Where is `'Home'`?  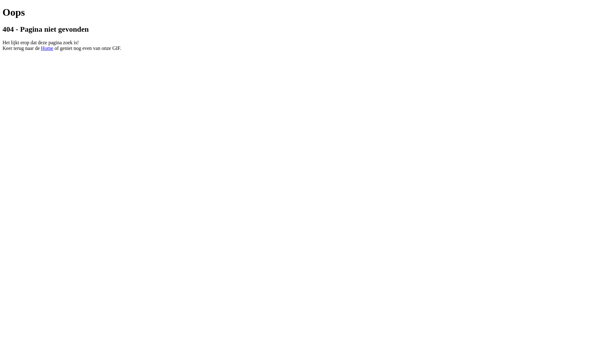 'Home' is located at coordinates (47, 48).